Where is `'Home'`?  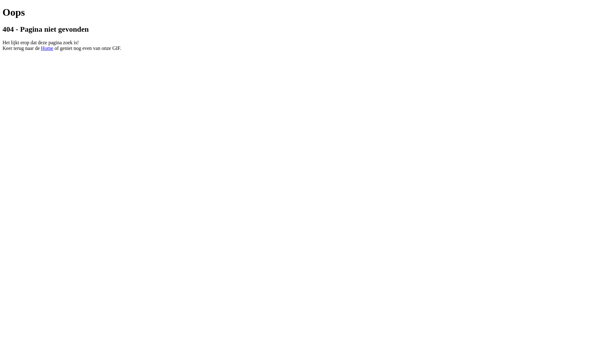 'Home' is located at coordinates (47, 48).